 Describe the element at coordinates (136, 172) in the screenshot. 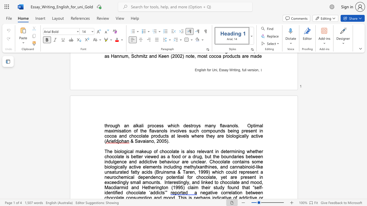

I see `the subset text "ty acids (Bruinsma & T" within the text "some biologically active elements including methylxanthines, and cannabinoid-like unsaturated fatty acids (Bruinsma & Taren, 1999) which could"` at that location.